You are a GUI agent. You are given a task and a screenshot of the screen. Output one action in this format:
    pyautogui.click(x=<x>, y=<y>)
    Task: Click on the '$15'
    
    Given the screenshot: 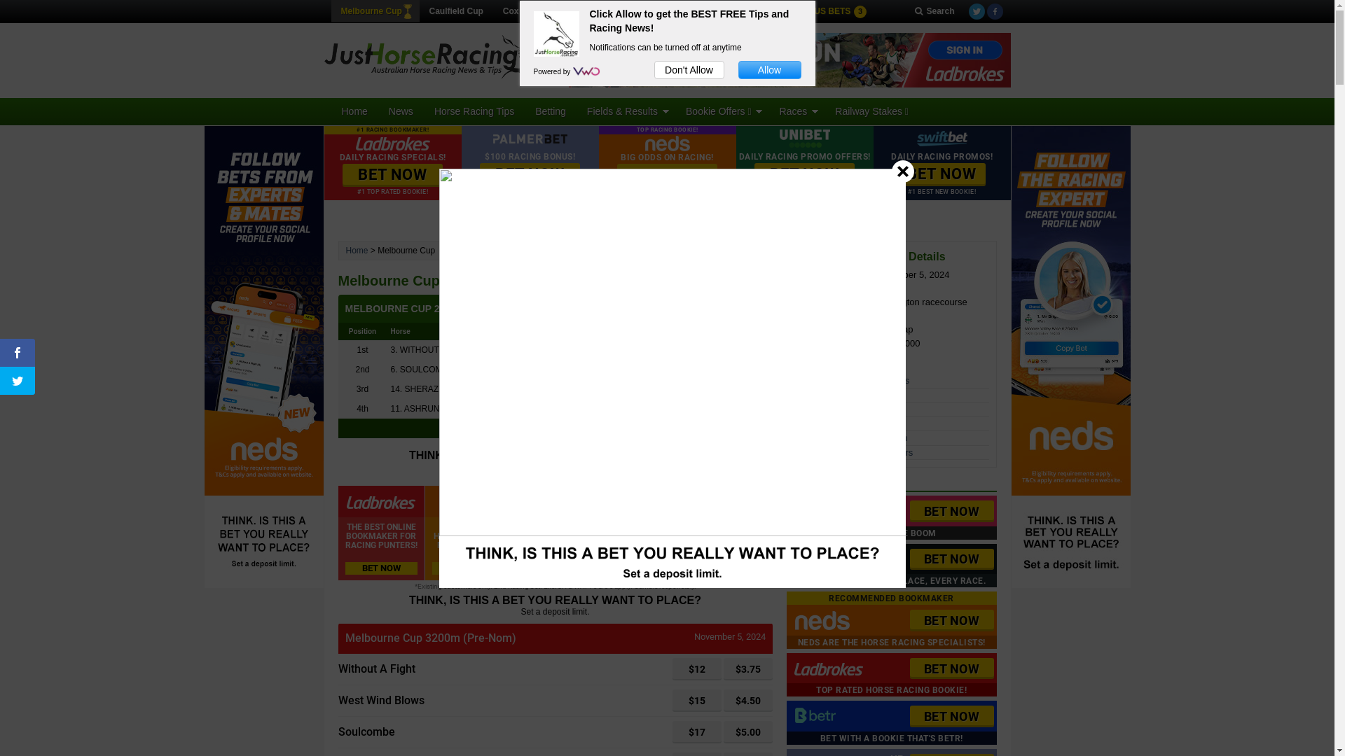 What is the action you would take?
    pyautogui.click(x=672, y=701)
    